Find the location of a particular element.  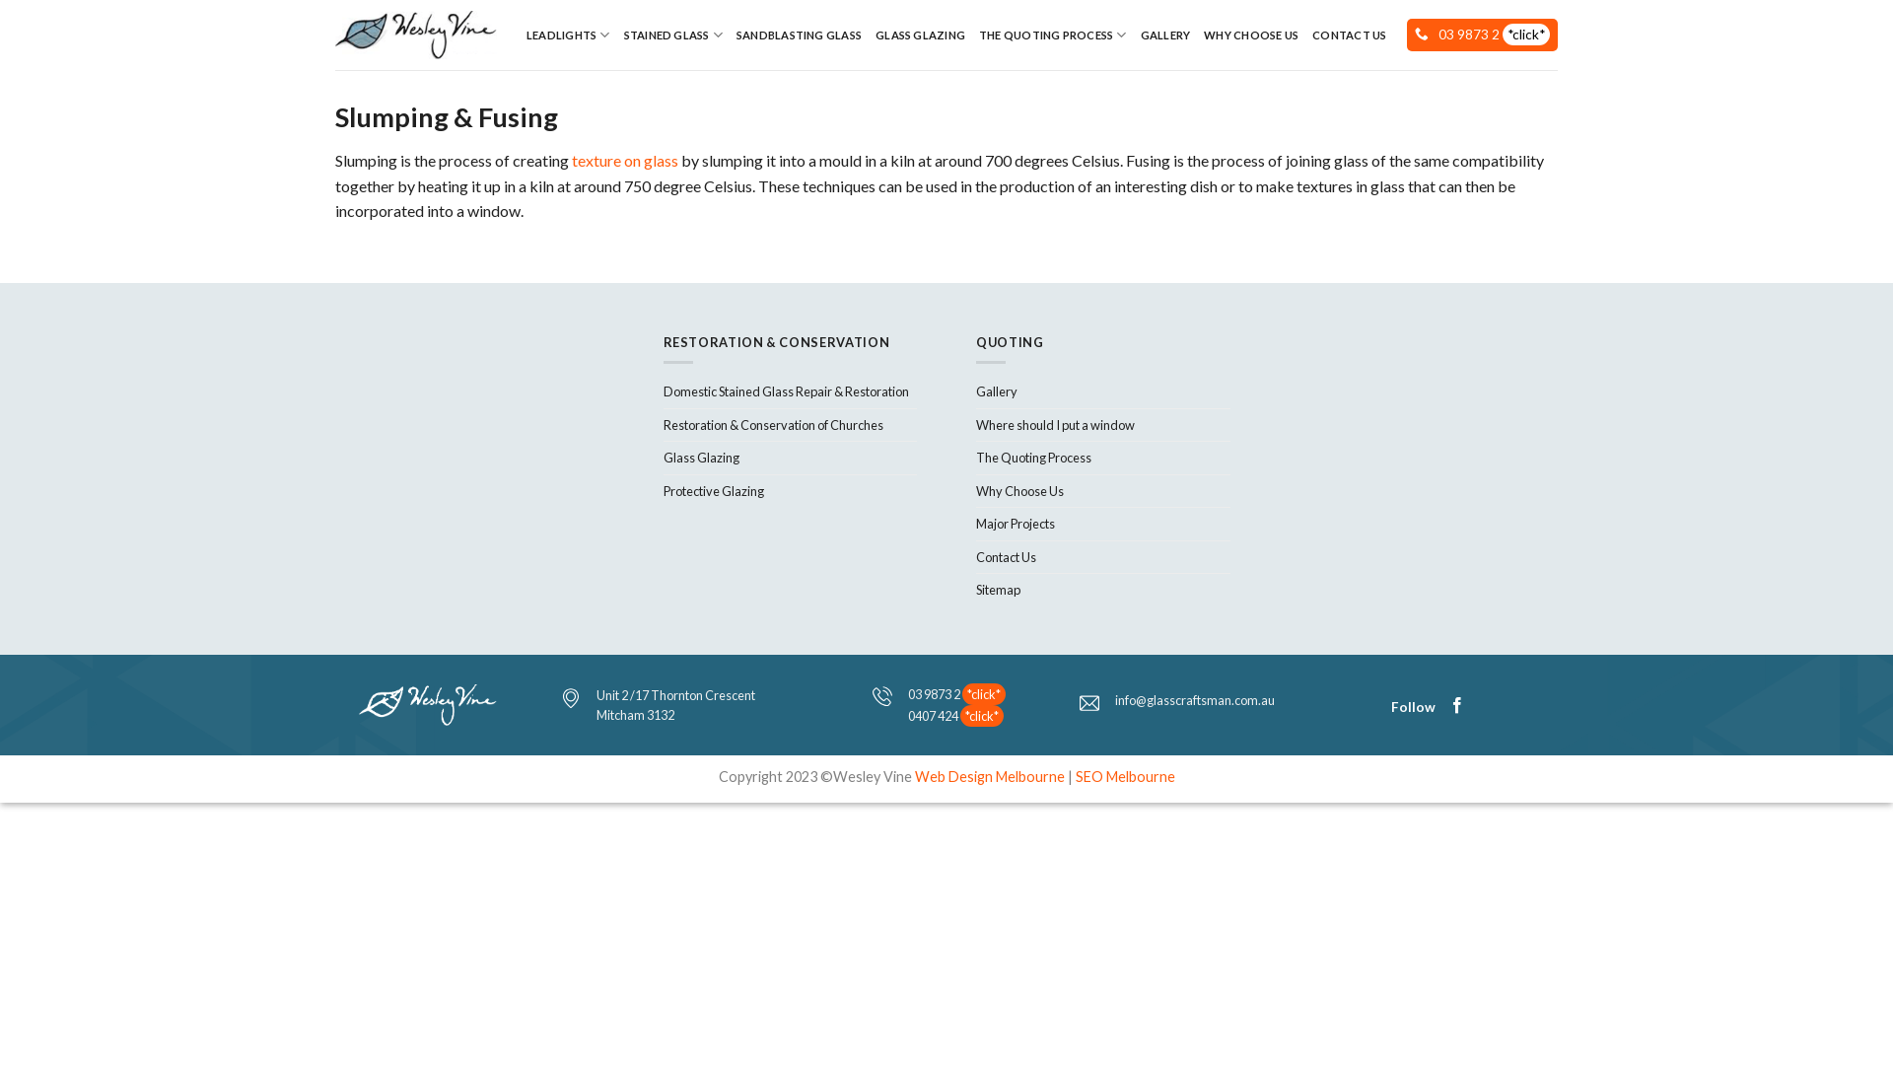

'GALLERY' is located at coordinates (1165, 35).